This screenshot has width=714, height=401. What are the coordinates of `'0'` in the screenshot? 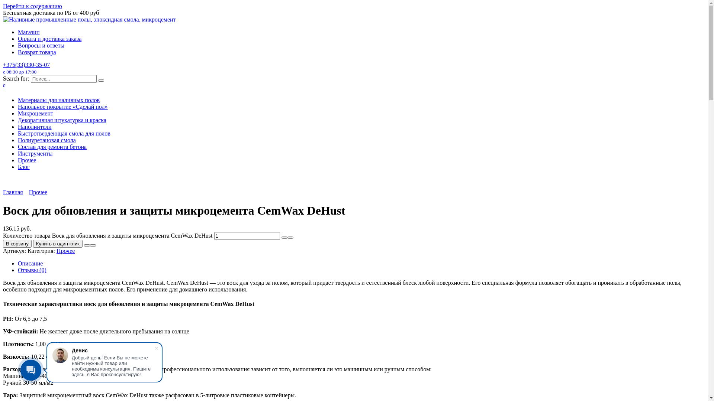 It's located at (4, 87).